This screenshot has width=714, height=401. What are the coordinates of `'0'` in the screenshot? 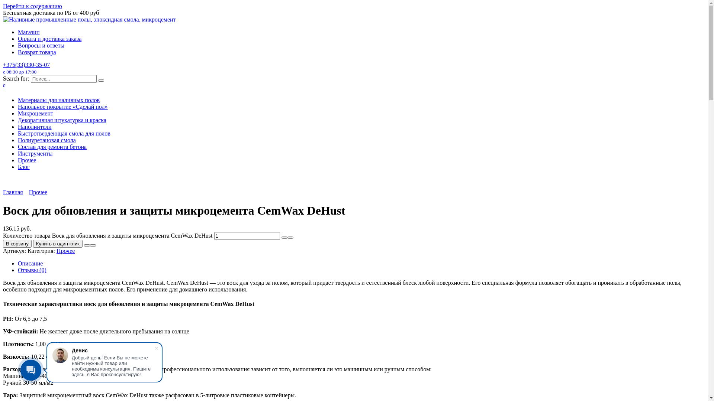 It's located at (4, 87).